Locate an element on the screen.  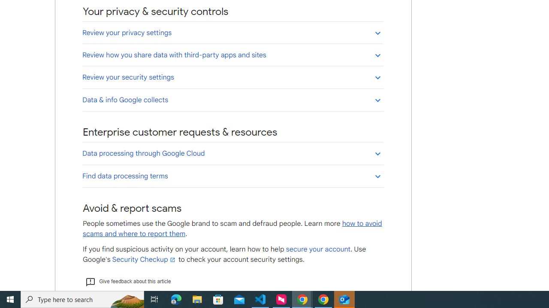
'Data processing through Google Cloud' is located at coordinates (232, 153).